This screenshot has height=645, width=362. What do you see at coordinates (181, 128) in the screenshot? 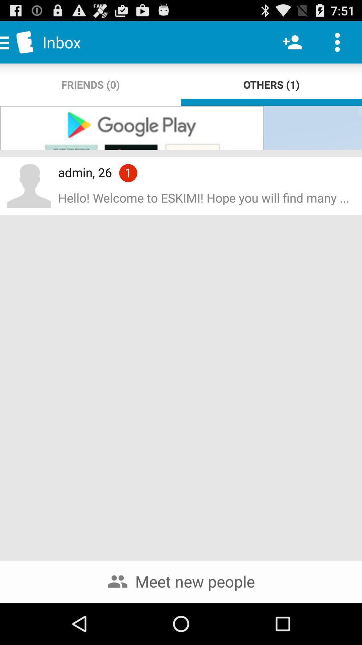
I see `advertisement` at bounding box center [181, 128].